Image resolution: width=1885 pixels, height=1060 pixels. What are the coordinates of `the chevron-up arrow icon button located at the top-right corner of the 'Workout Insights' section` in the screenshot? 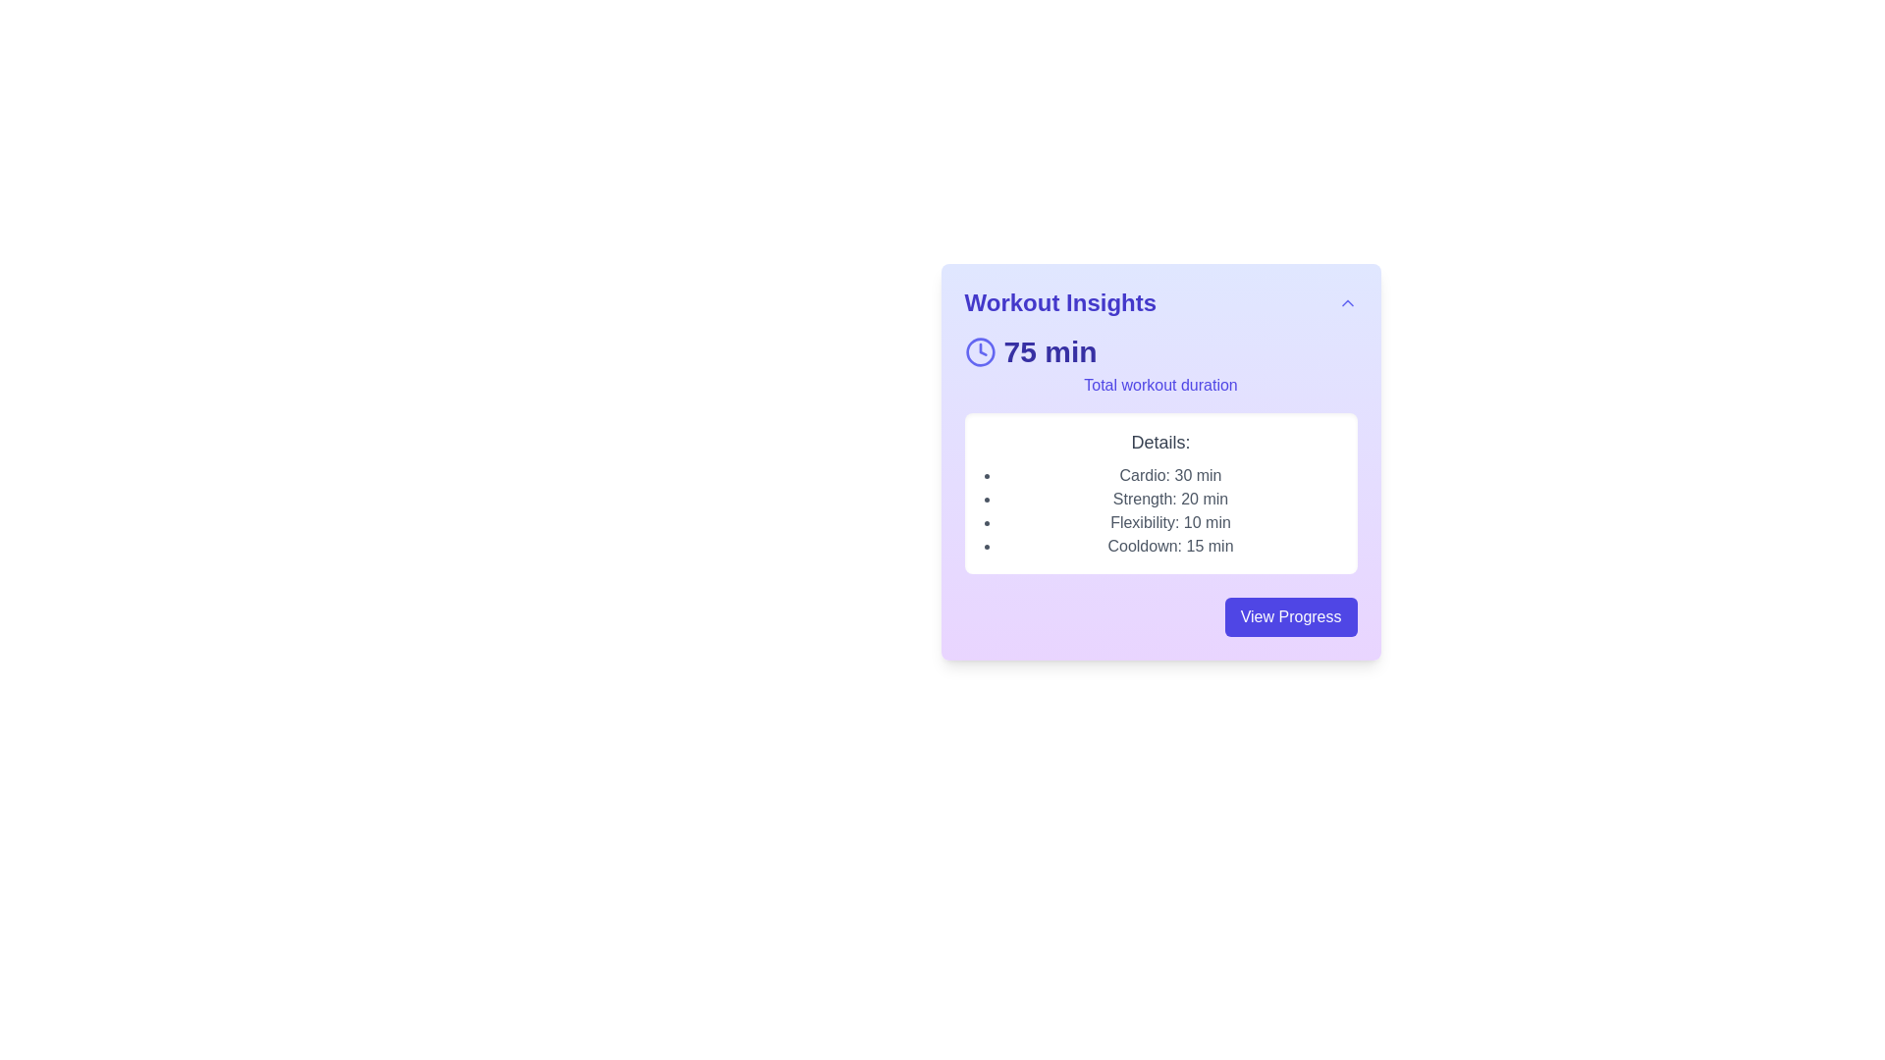 It's located at (1346, 302).